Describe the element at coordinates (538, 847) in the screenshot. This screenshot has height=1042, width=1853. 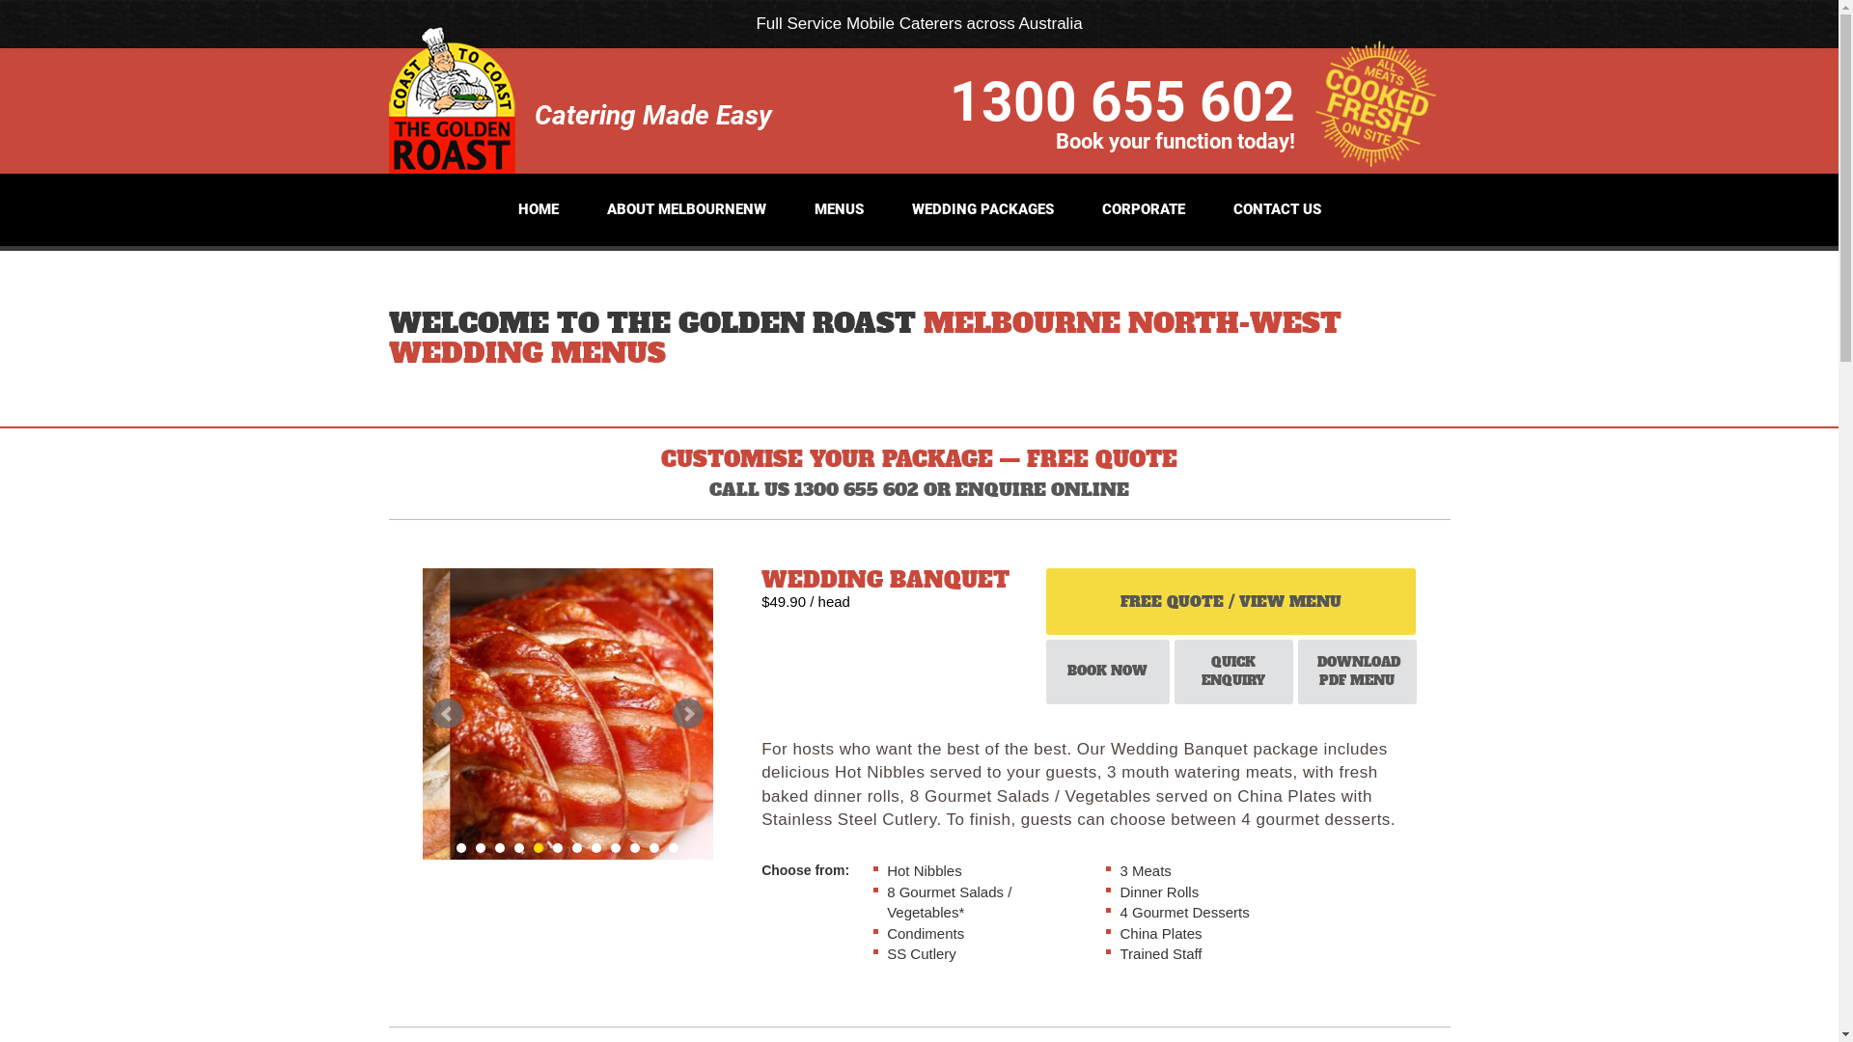
I see `'5'` at that location.